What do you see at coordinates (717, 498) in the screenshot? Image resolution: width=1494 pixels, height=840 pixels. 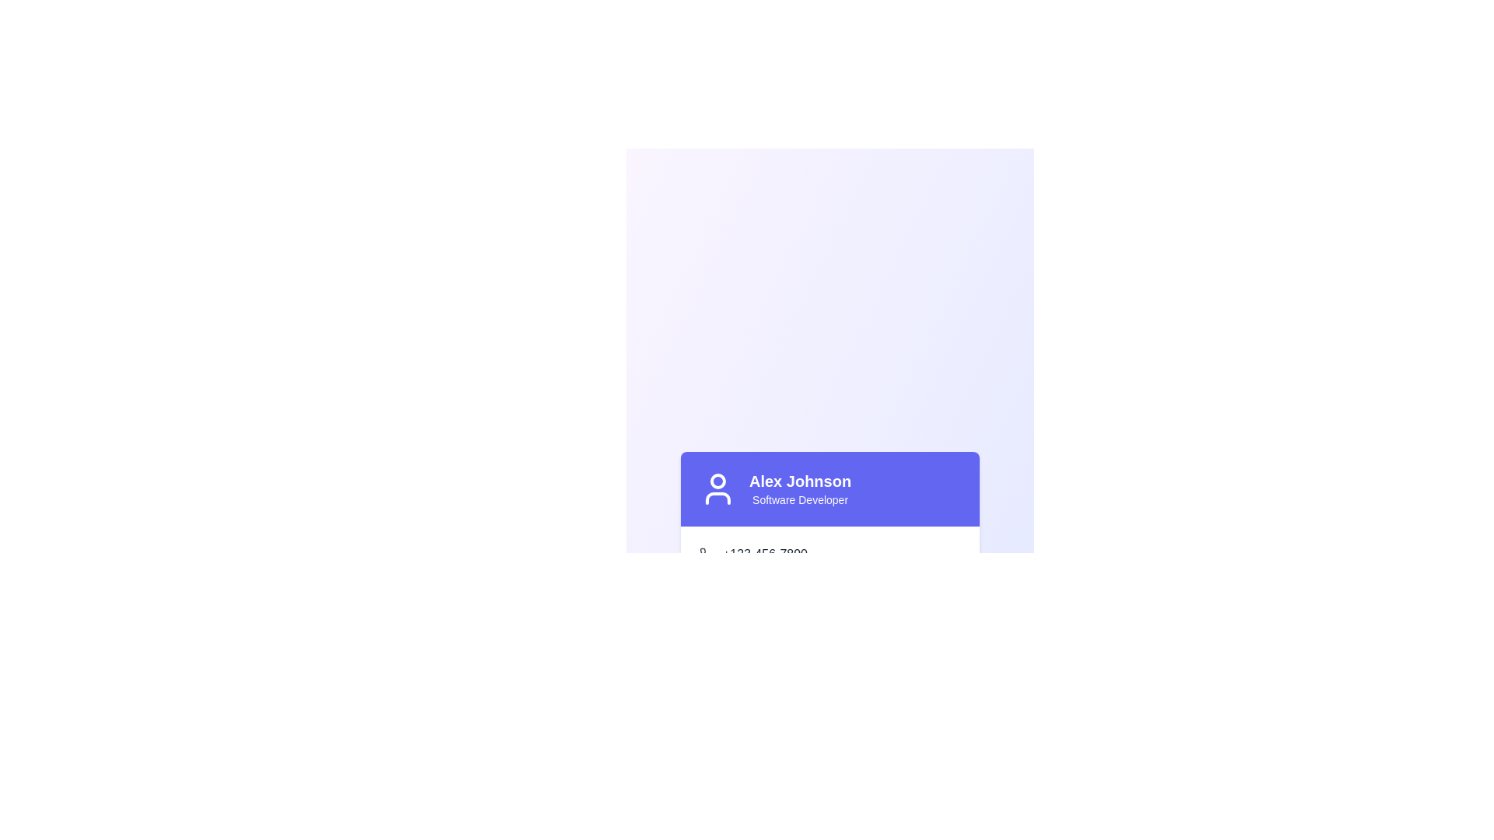 I see `the bottom-most vector graphic of the user profile icon, which is located to the left of the name 'Alex Johnson' and the job title 'Software Developer' in the purple header area` at bounding box center [717, 498].